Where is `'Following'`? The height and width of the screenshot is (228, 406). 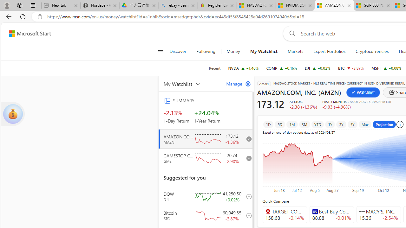 'Following' is located at coordinates (206, 51).